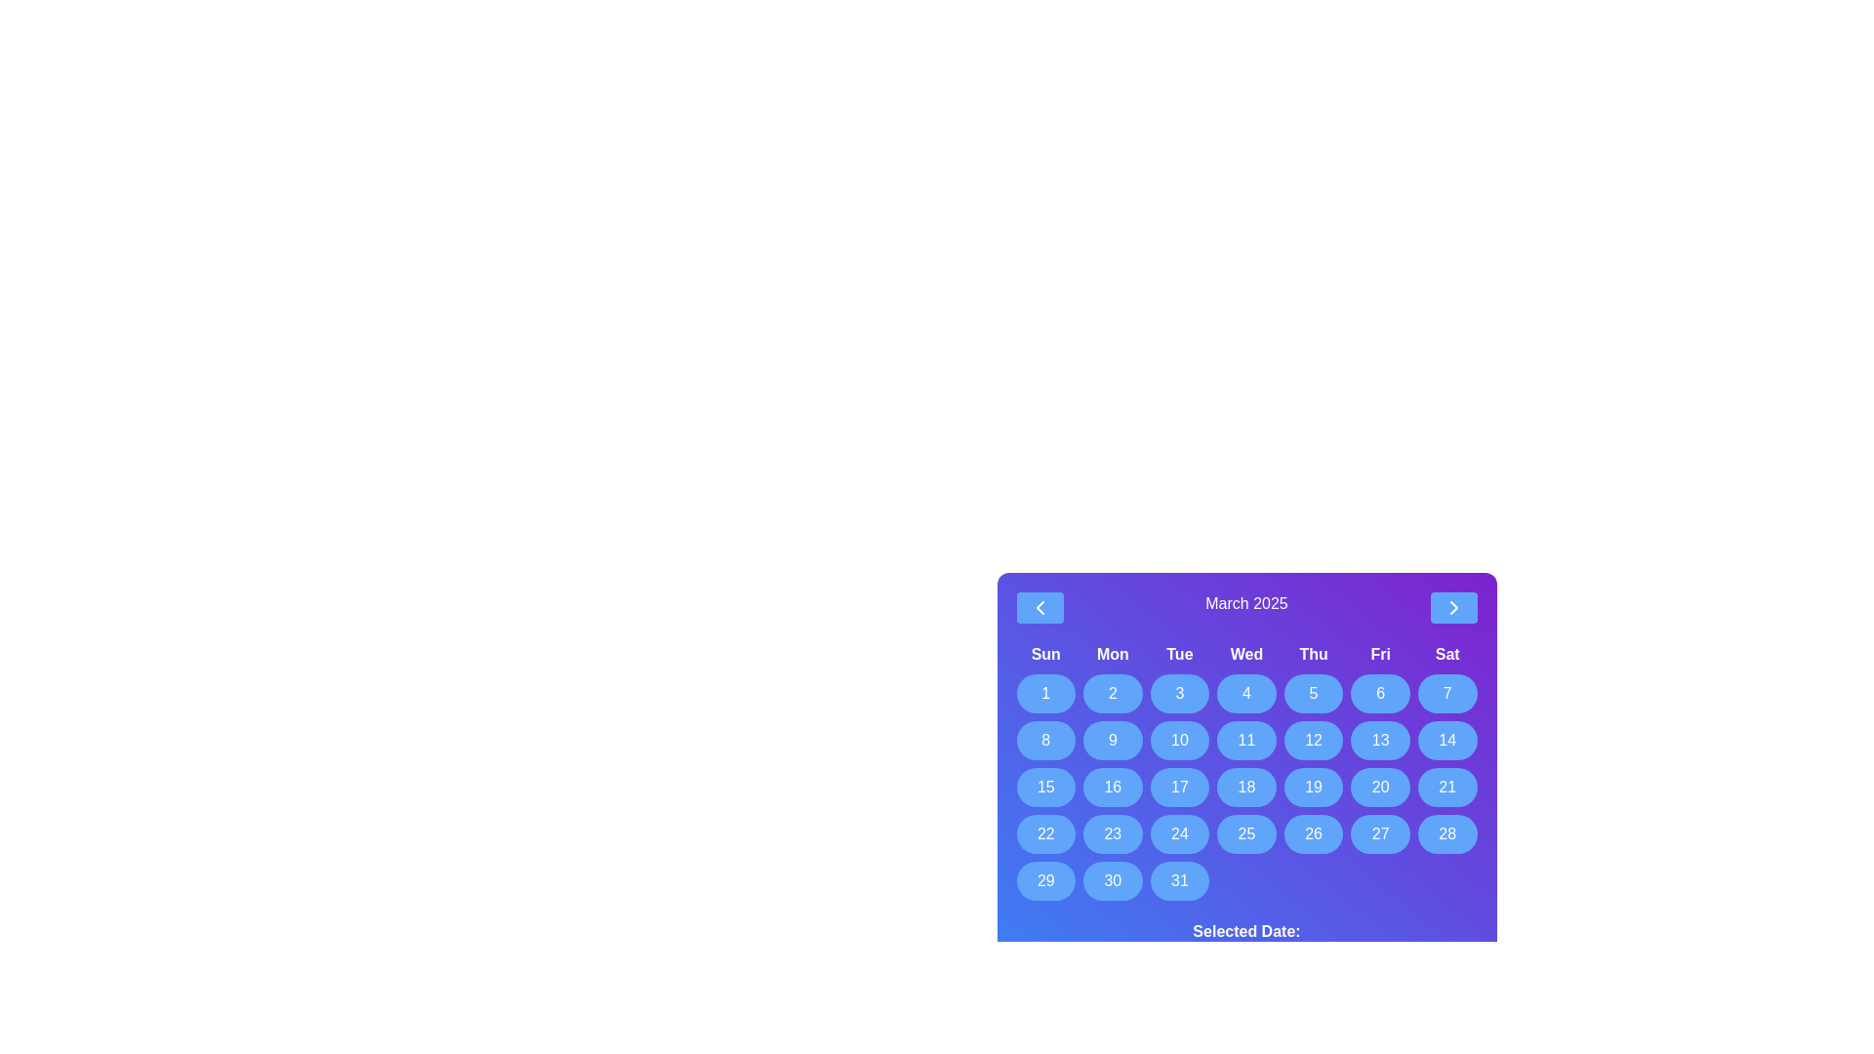 The image size is (1874, 1054). Describe the element at coordinates (1453, 607) in the screenshot. I see `the chevron icon embedded in the blue button` at that location.